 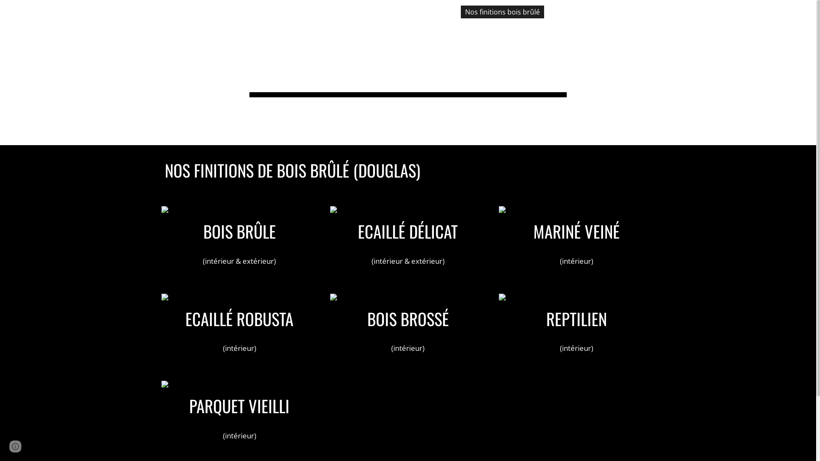 I want to click on 'Nos bois de terrasse', so click(x=550, y=12).